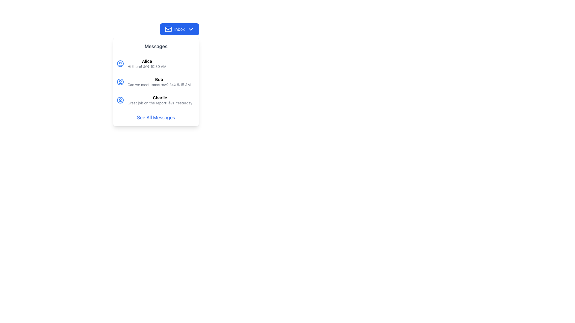  What do you see at coordinates (159, 79) in the screenshot?
I see `the content of the text label displaying the name 'Bob', which is bold and distinct, located below the first message item 'Alice' and above the third item 'Charlie'` at bounding box center [159, 79].